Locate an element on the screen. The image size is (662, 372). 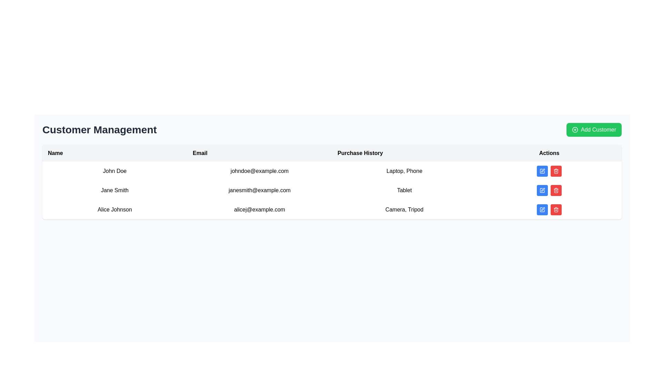
the delete button located in the 'Actions' column of the third row in the customer data table is located at coordinates (556, 209).